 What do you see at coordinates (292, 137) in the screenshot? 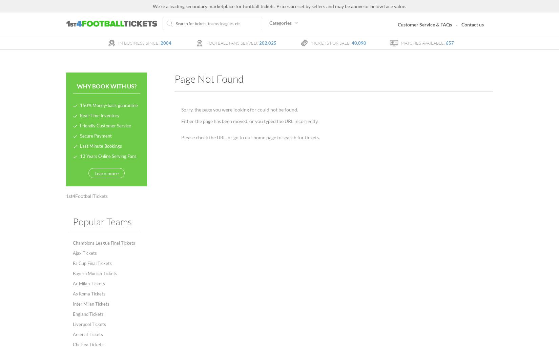
I see `'page to search for tickets.'` at bounding box center [292, 137].